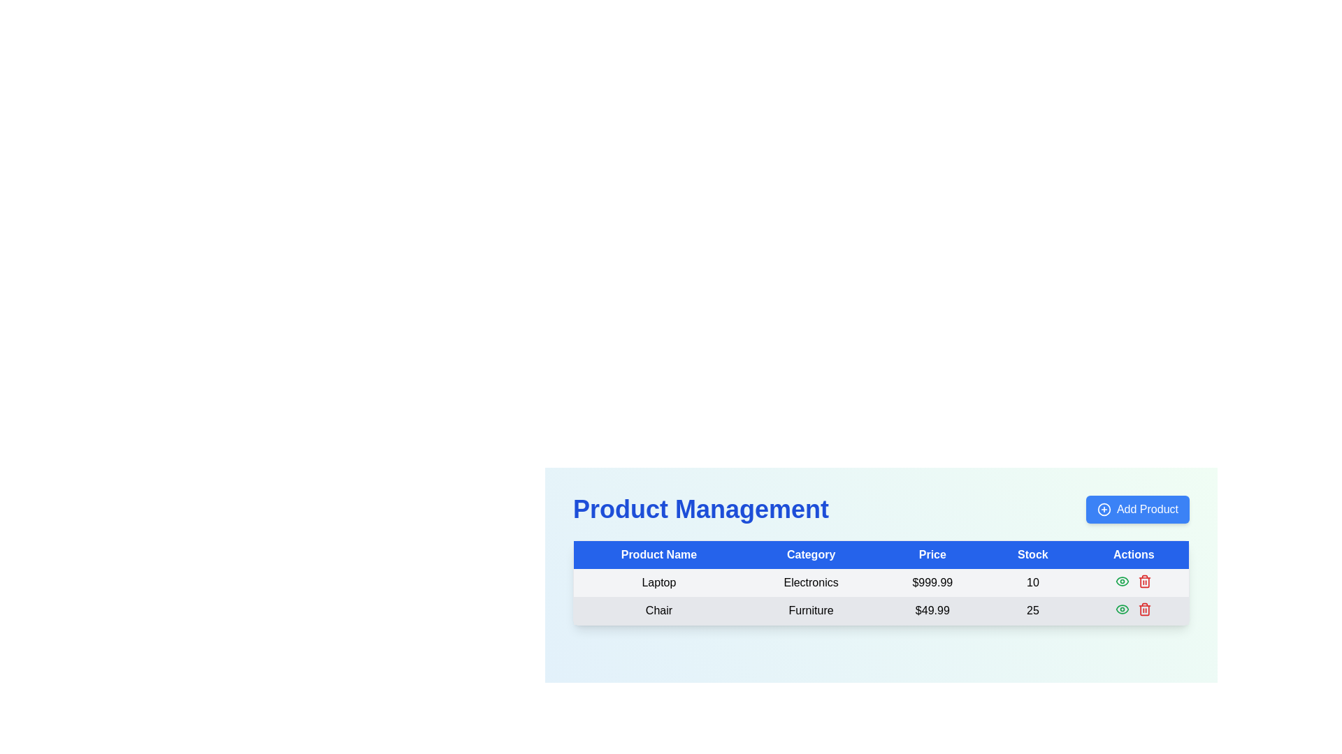 The height and width of the screenshot is (754, 1342). Describe the element at coordinates (658, 554) in the screenshot. I see `text of the 'Product Name' table header, which is a white rectangular label on a blue background located at the leftmost position of the header row` at that location.